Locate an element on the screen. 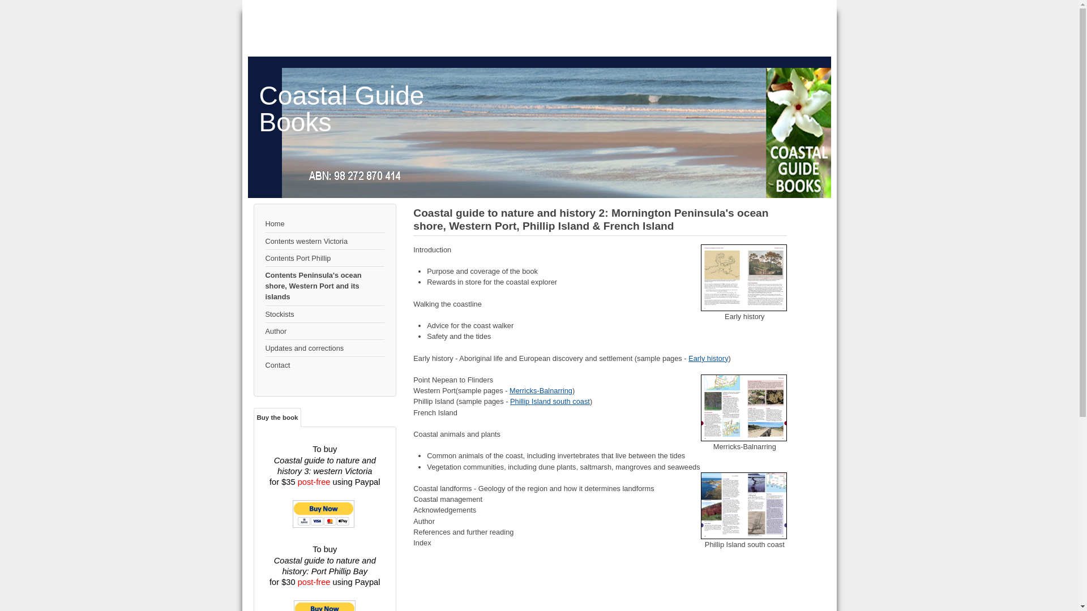 The image size is (1087, 611). 'Stockists' is located at coordinates (324, 314).